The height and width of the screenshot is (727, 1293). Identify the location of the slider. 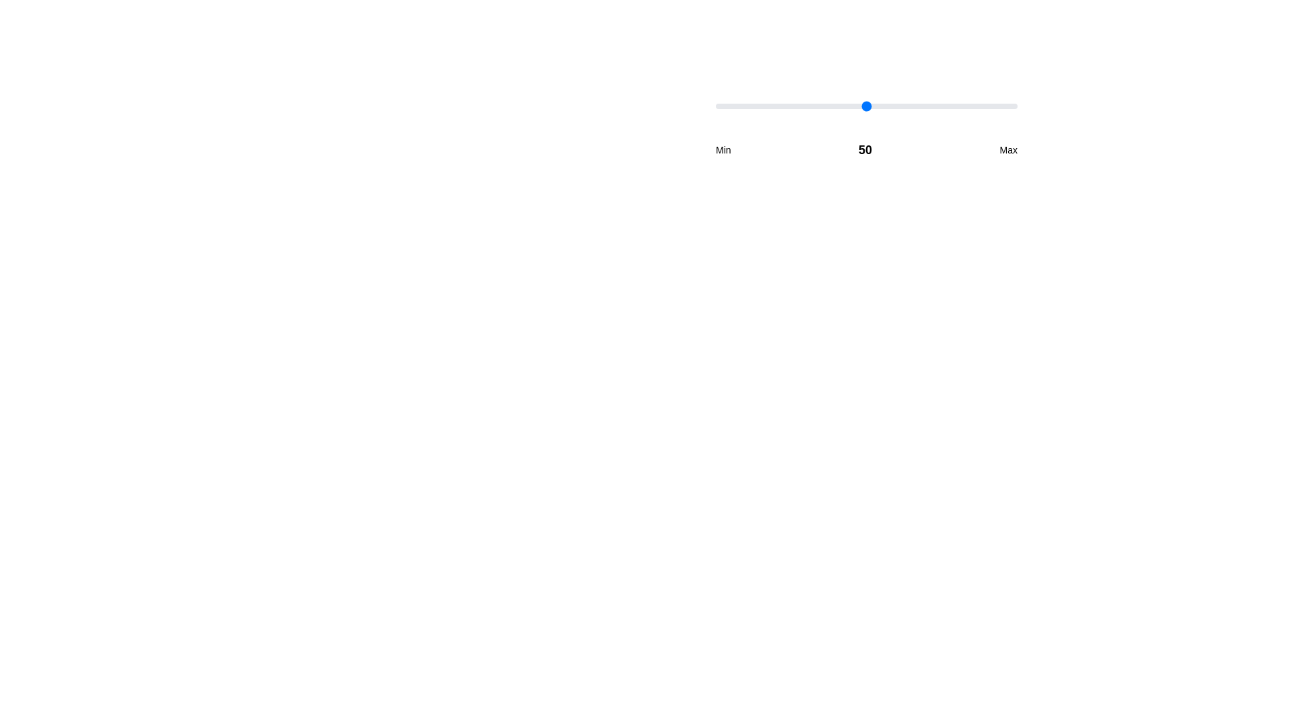
(808, 106).